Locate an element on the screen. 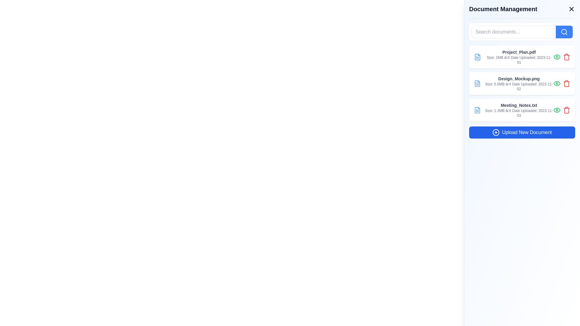 This screenshot has width=580, height=326. the interactive 'X' icon located to the right of the 'Document Management' header to change its color to red is located at coordinates (571, 9).